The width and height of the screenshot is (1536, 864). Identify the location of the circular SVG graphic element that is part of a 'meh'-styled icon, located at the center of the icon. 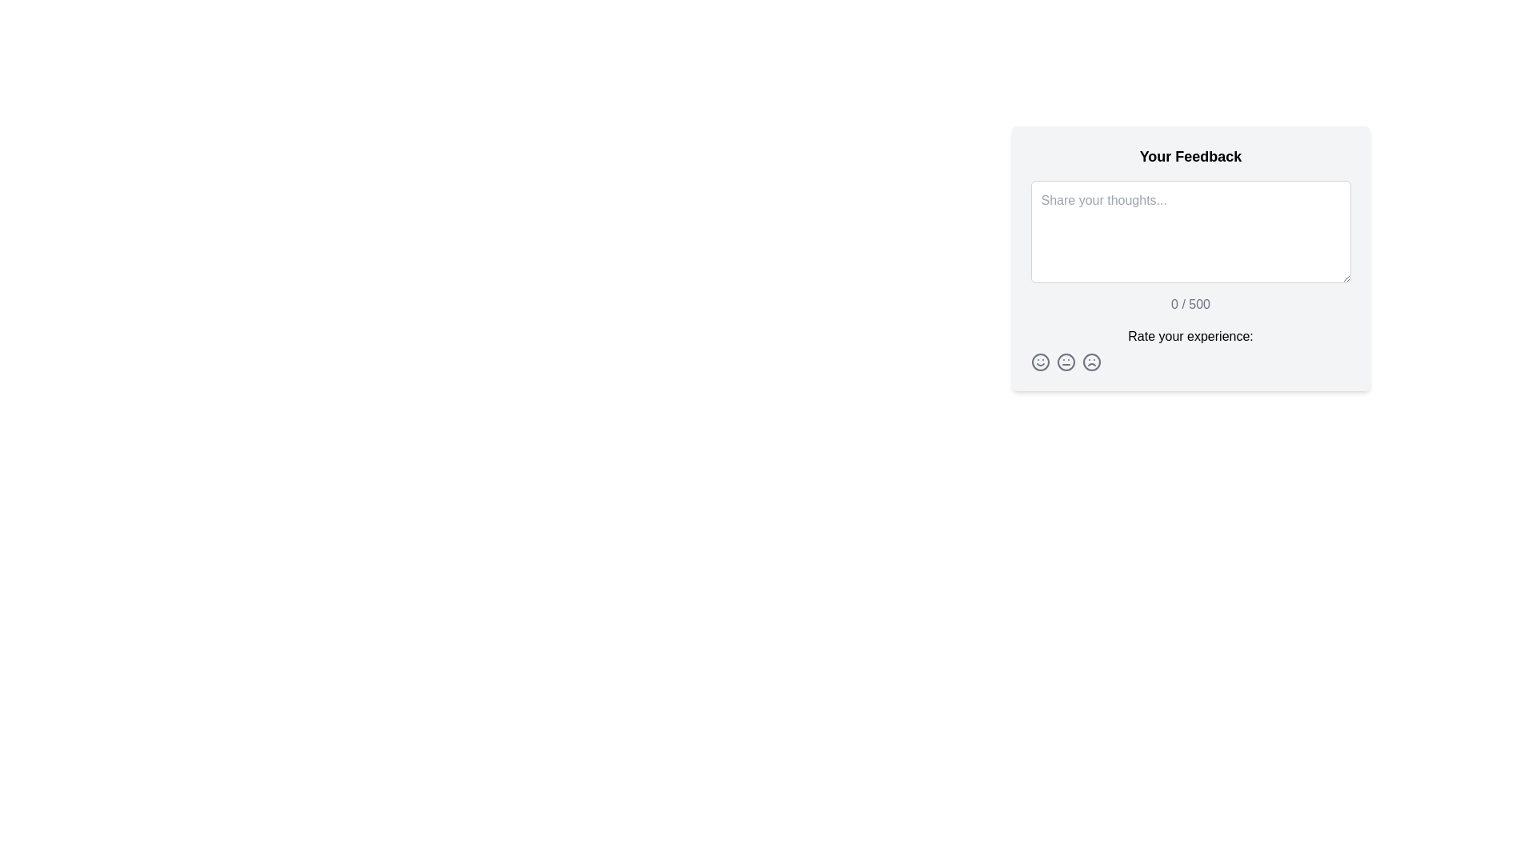
(1066, 362).